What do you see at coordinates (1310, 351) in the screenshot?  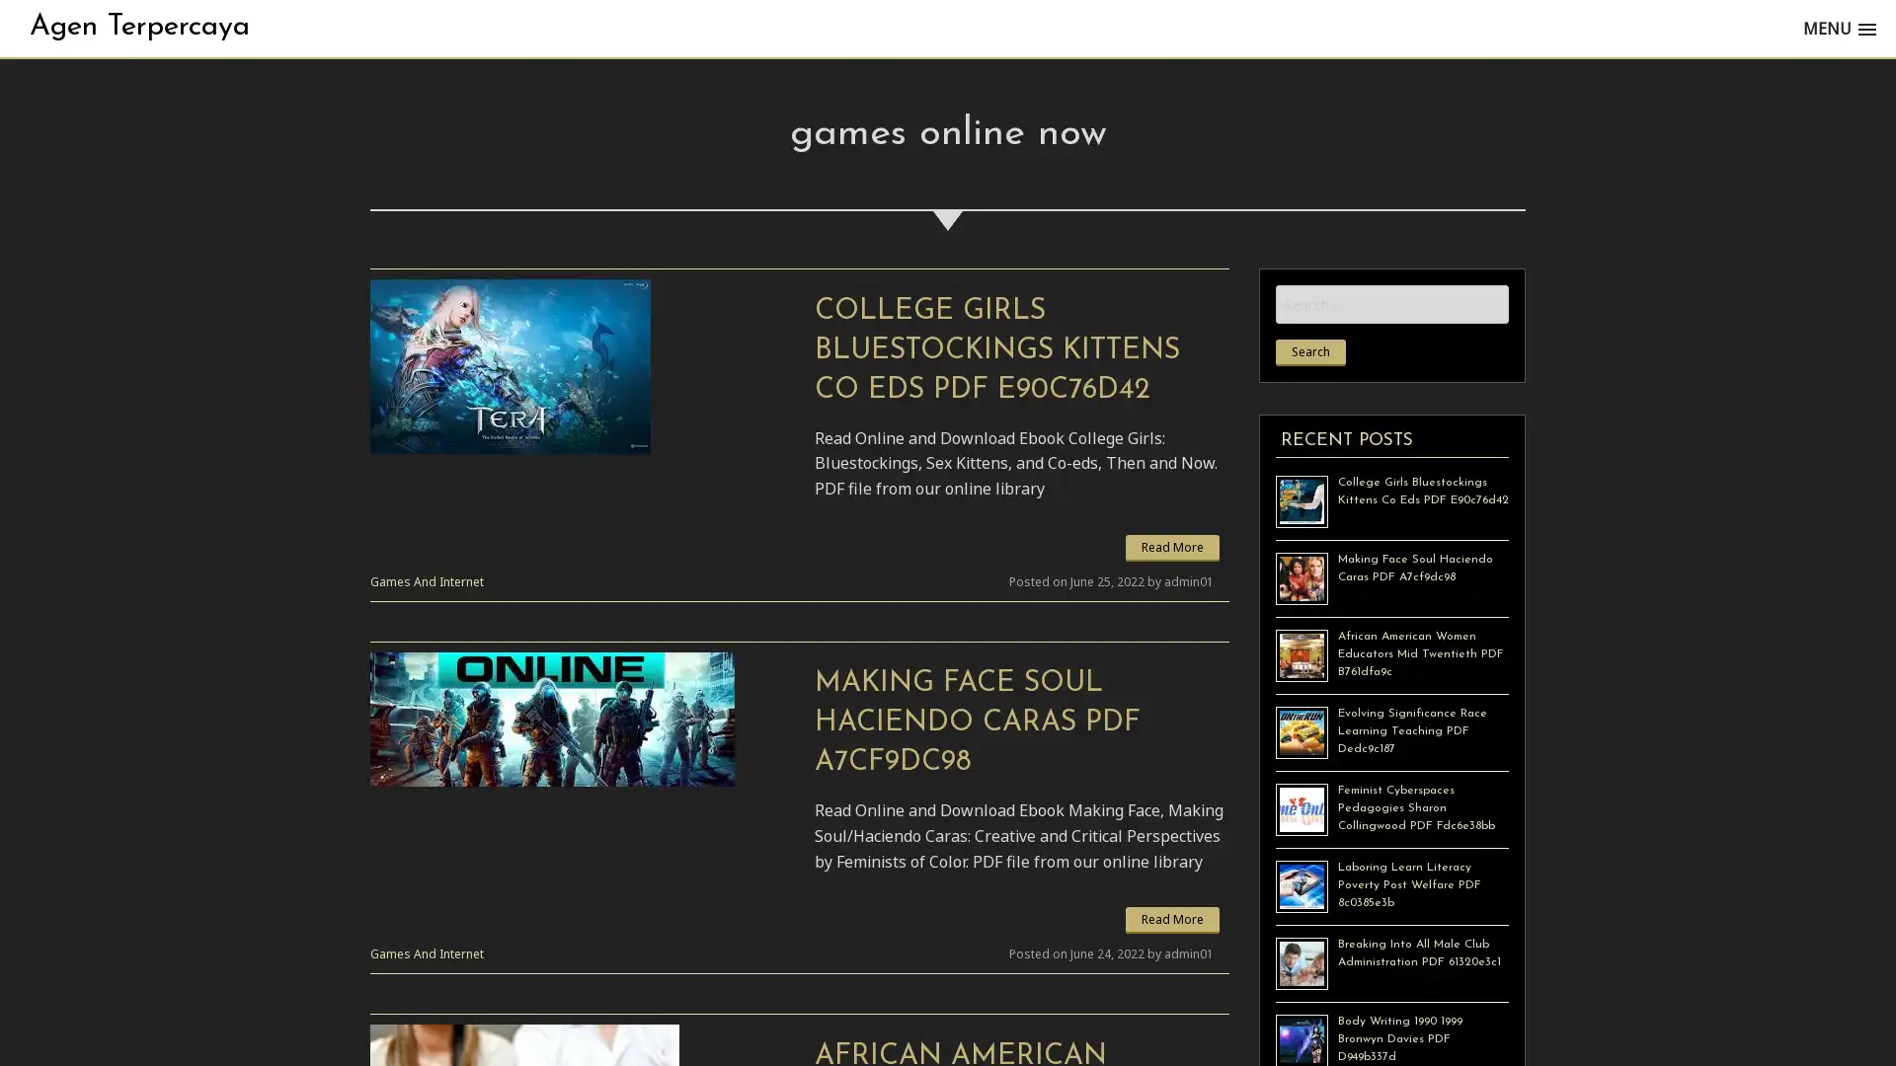 I see `Search` at bounding box center [1310, 351].